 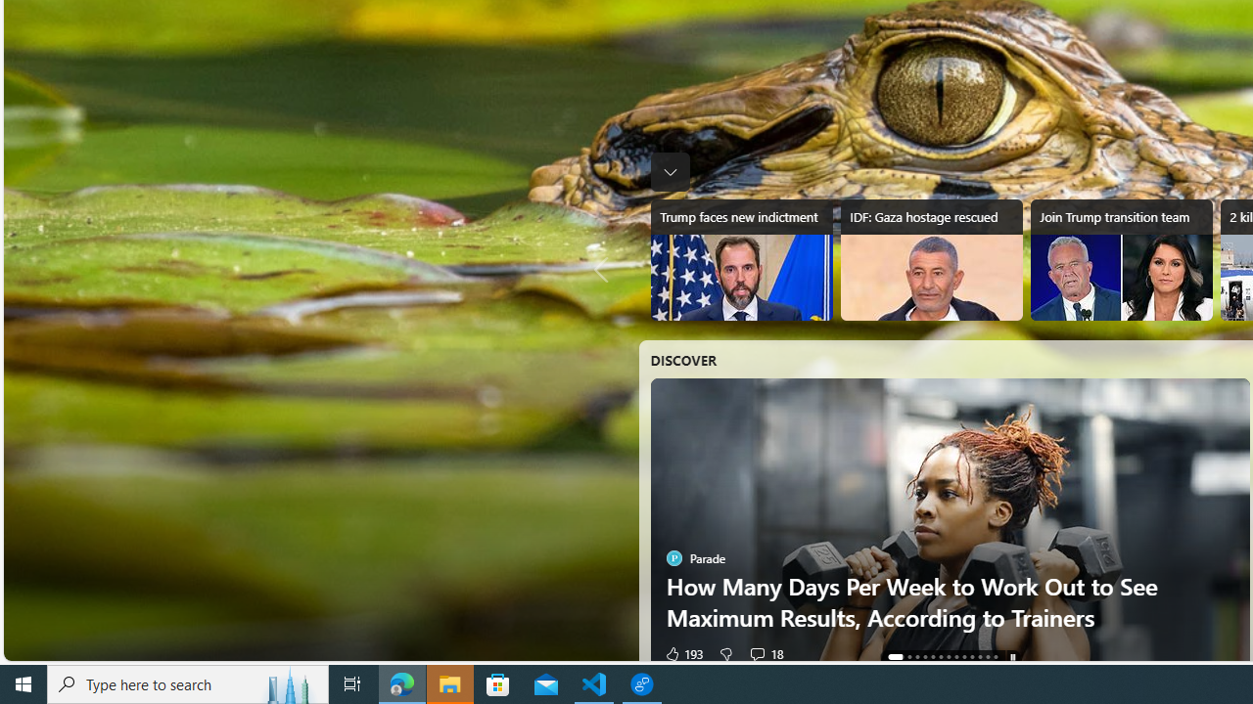 I want to click on 'AutomationID: tab-7', so click(x=955, y=657).